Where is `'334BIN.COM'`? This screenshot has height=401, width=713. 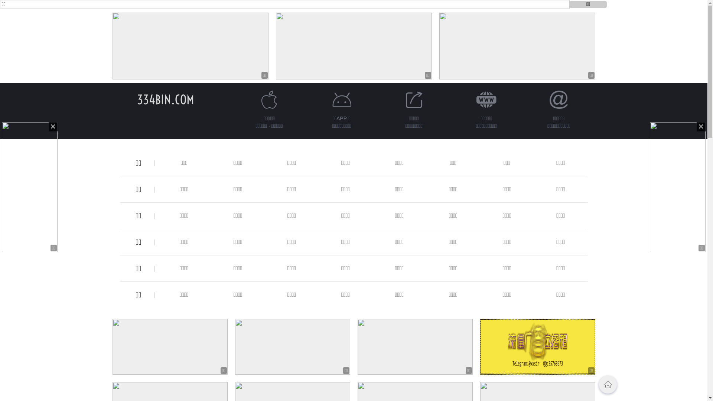 '334BIN.COM' is located at coordinates (165, 99).